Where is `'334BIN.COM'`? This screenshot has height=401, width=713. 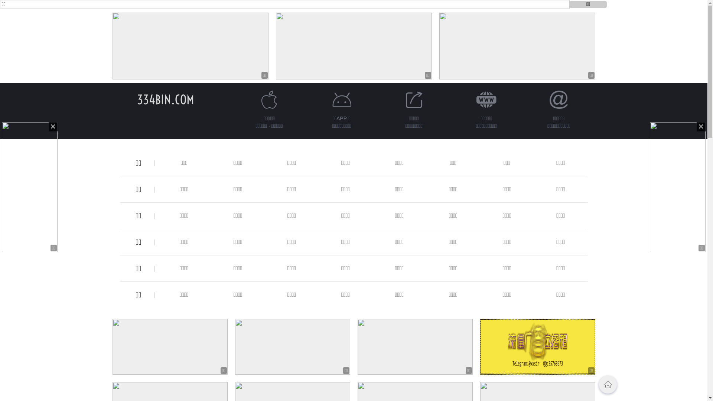 '334BIN.COM' is located at coordinates (165, 99).